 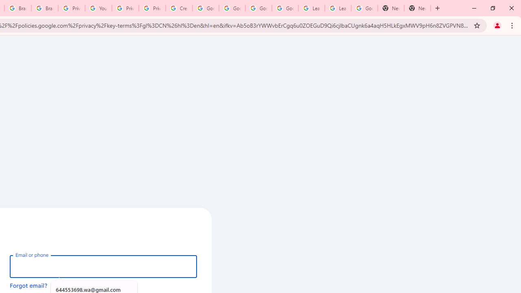 What do you see at coordinates (18, 8) in the screenshot?
I see `'Brand Resource Center'` at bounding box center [18, 8].